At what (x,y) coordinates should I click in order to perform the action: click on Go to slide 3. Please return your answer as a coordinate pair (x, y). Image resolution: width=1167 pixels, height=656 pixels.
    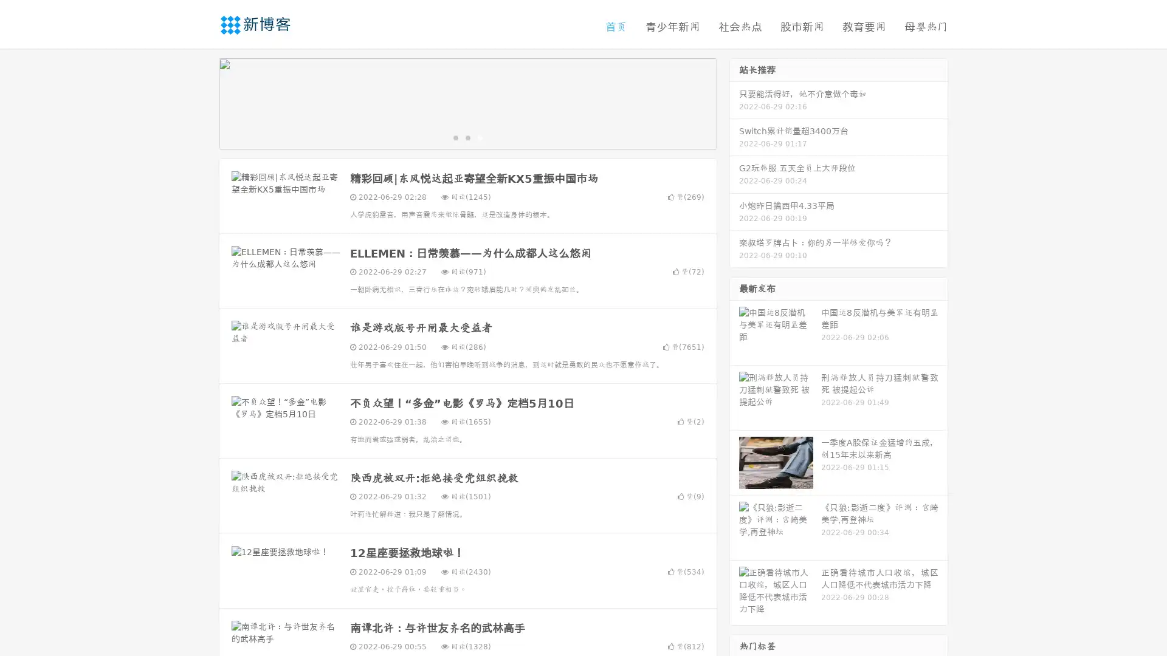
    Looking at the image, I should click on (480, 137).